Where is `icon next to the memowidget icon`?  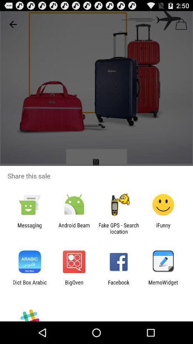 icon next to the memowidget icon is located at coordinates (119, 285).